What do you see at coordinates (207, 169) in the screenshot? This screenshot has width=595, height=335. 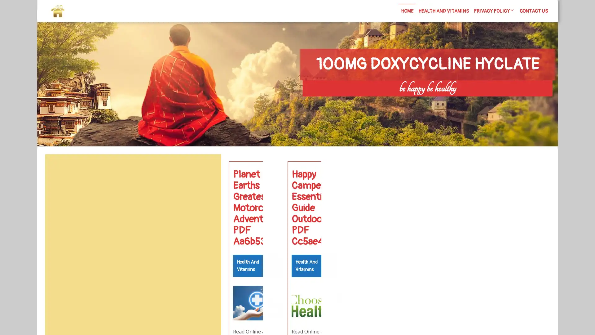 I see `Search` at bounding box center [207, 169].